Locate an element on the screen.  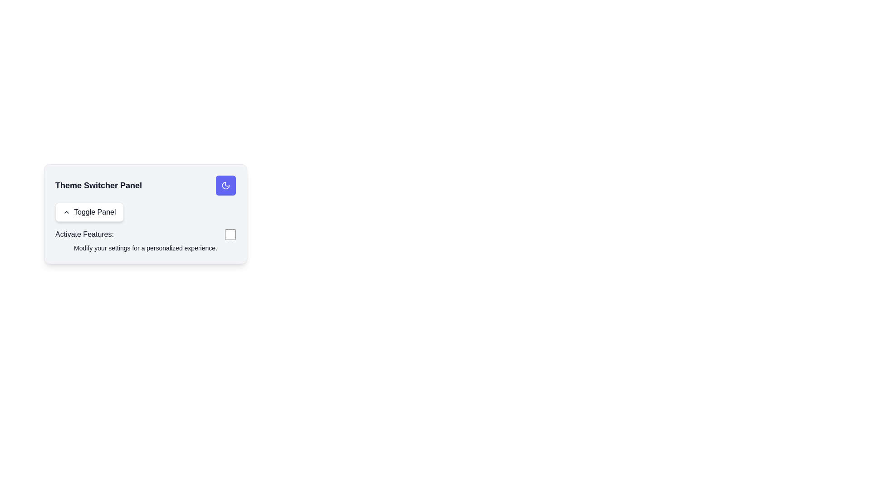
the icon embedded within the indigo-colored button located at the top-right corner of the 'Theme Switcher Panel' for interactive feedback is located at coordinates (226, 185).